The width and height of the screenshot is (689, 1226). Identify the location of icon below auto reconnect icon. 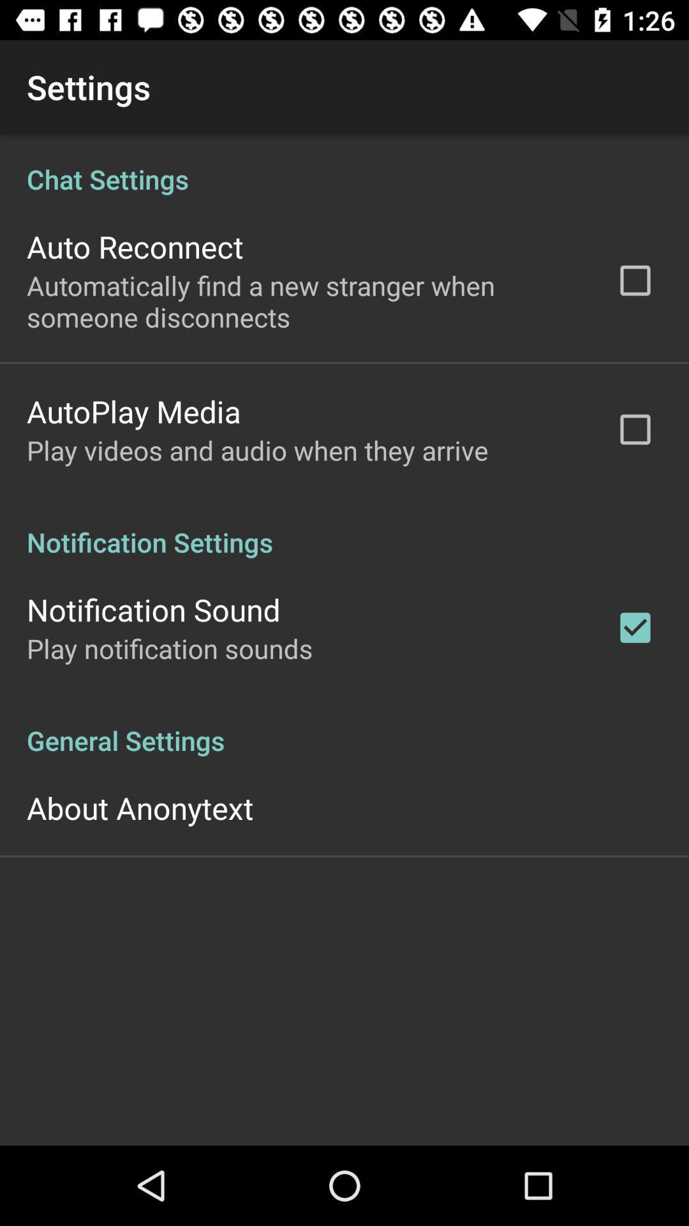
(304, 300).